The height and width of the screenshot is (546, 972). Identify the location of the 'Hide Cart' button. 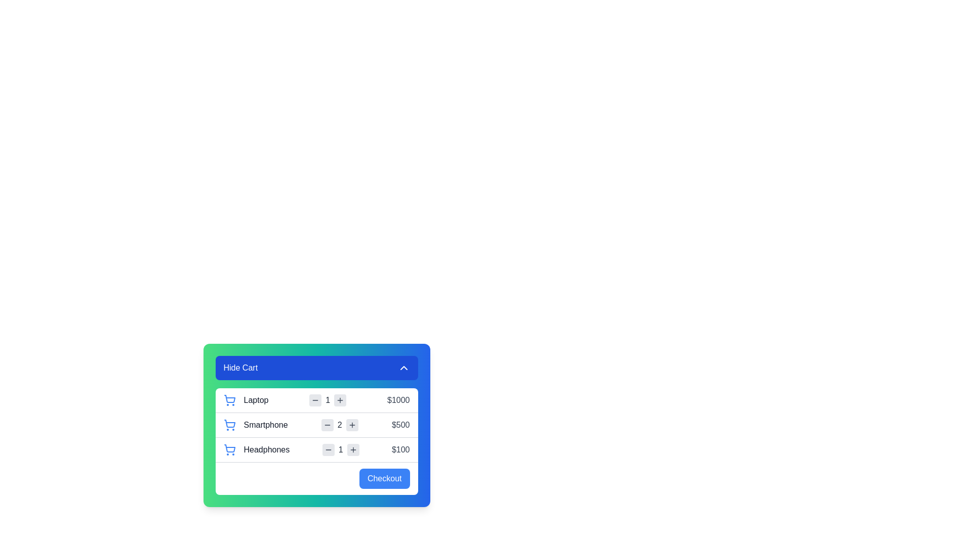
(316, 368).